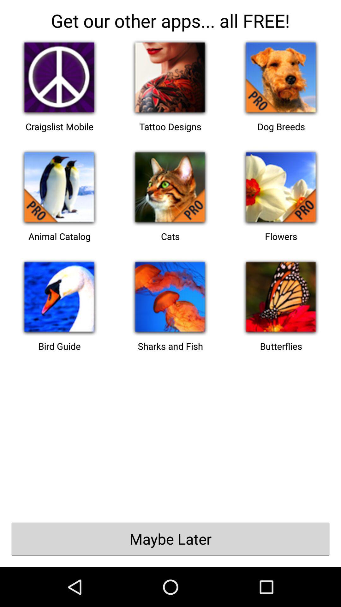  What do you see at coordinates (170, 538) in the screenshot?
I see `the button at the bottom` at bounding box center [170, 538].